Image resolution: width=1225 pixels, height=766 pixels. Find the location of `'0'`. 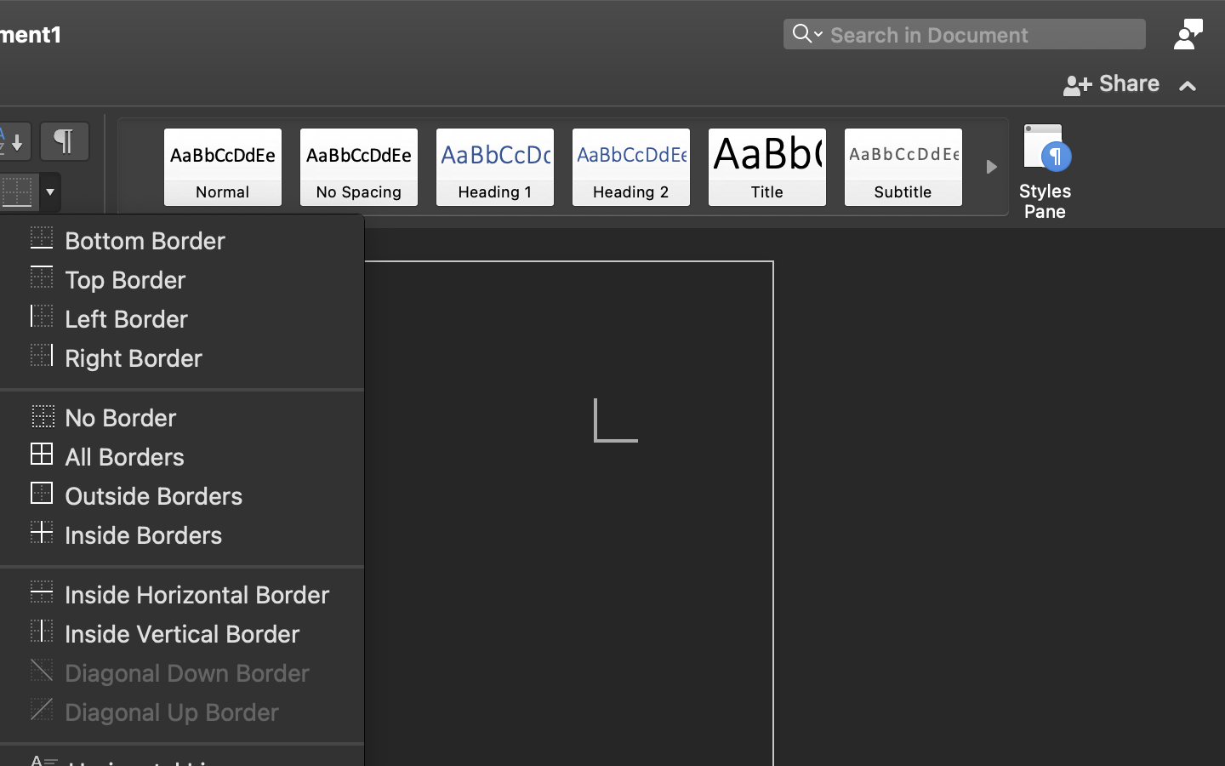

'0' is located at coordinates (221, 167).